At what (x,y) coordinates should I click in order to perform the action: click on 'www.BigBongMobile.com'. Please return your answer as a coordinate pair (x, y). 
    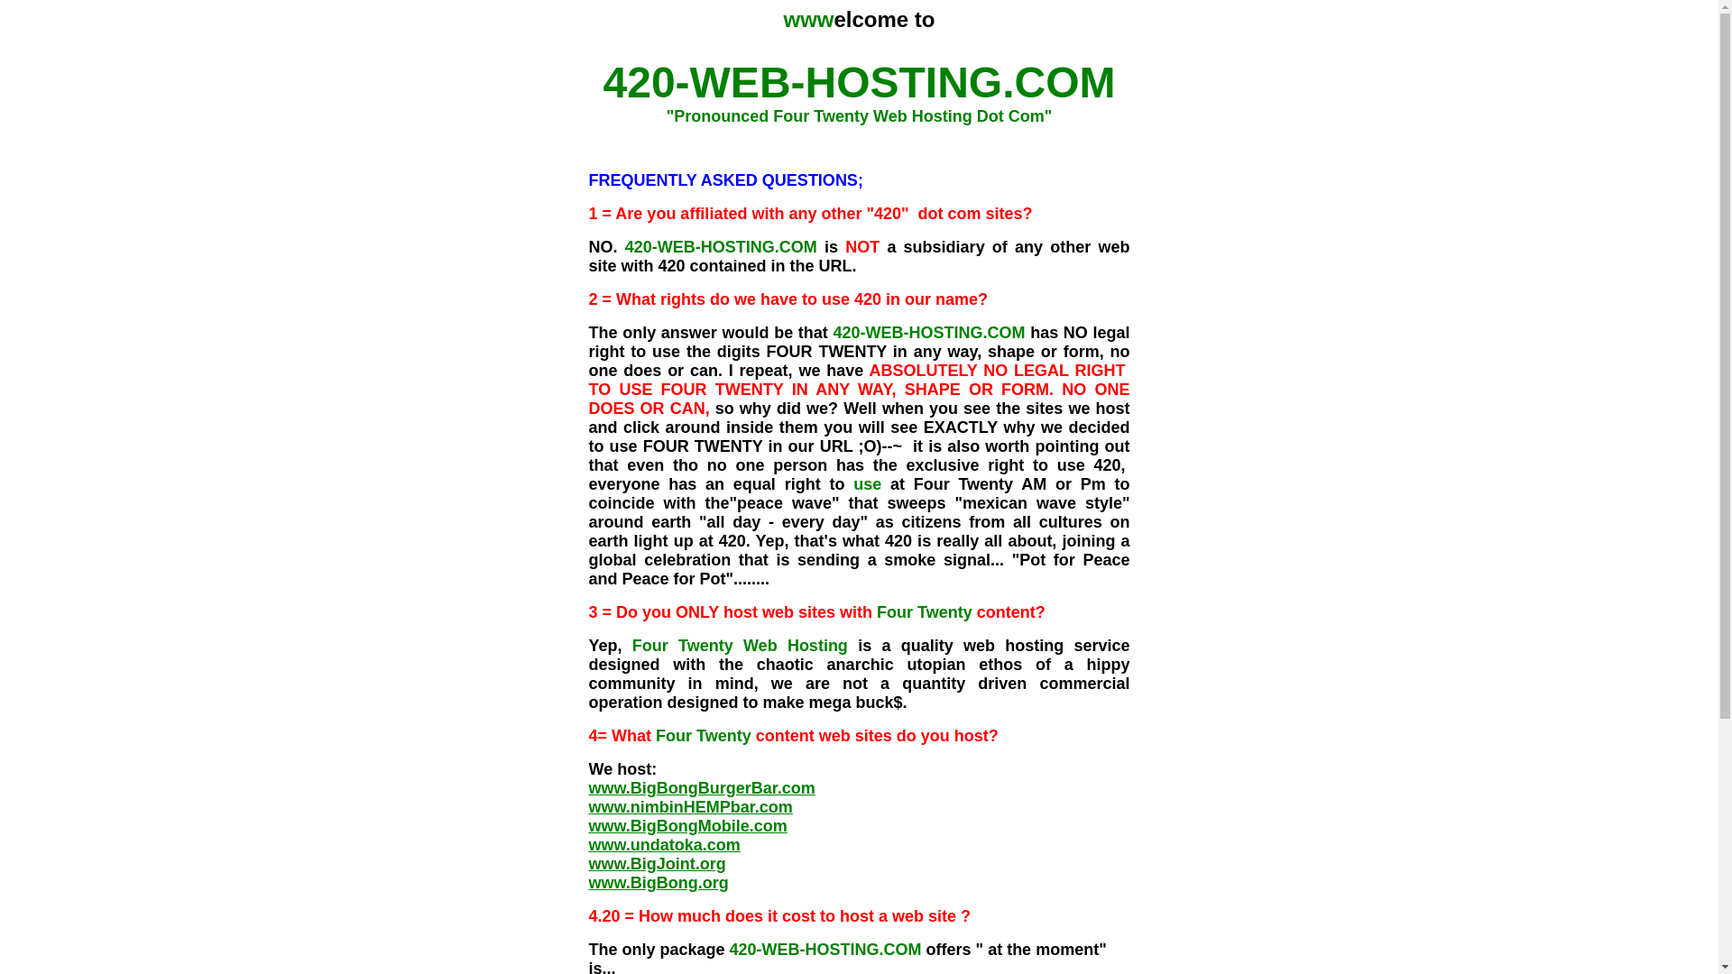
    Looking at the image, I should click on (588, 825).